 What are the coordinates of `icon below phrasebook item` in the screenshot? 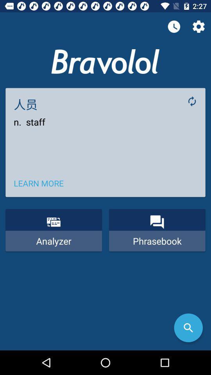 It's located at (188, 328).